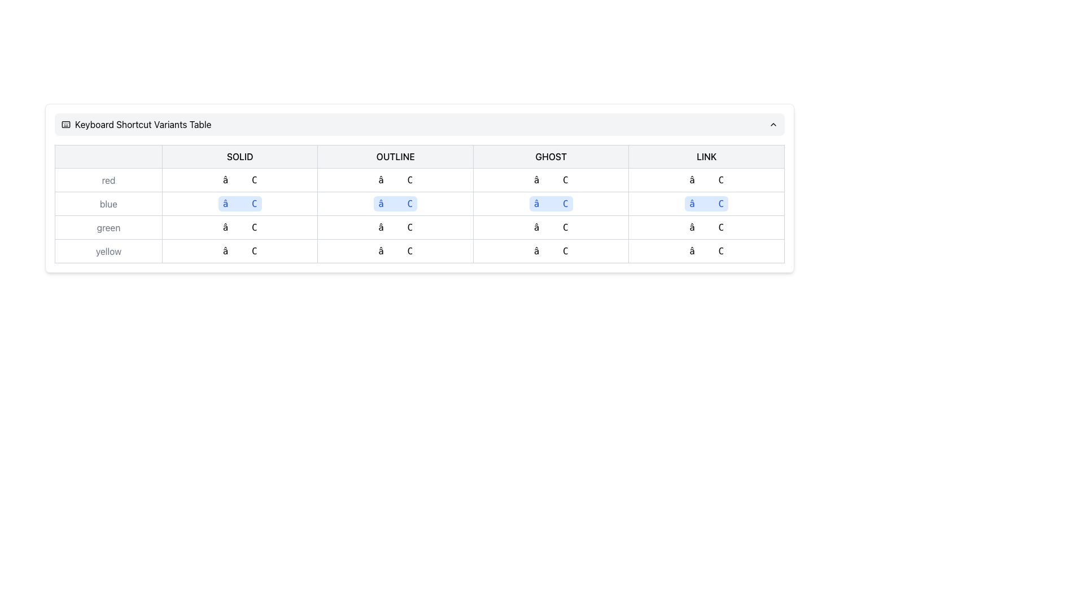 This screenshot has height=609, width=1084. Describe the element at coordinates (551, 204) in the screenshot. I see `keyboard shortcut label located in the 'GHOST' column and 'blue' row of the grid structure` at that location.